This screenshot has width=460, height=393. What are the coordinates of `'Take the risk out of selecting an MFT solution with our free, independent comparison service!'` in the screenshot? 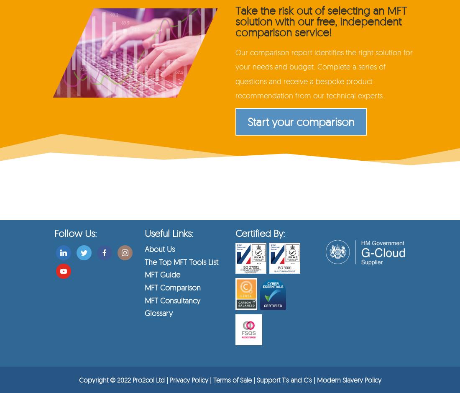 It's located at (321, 21).